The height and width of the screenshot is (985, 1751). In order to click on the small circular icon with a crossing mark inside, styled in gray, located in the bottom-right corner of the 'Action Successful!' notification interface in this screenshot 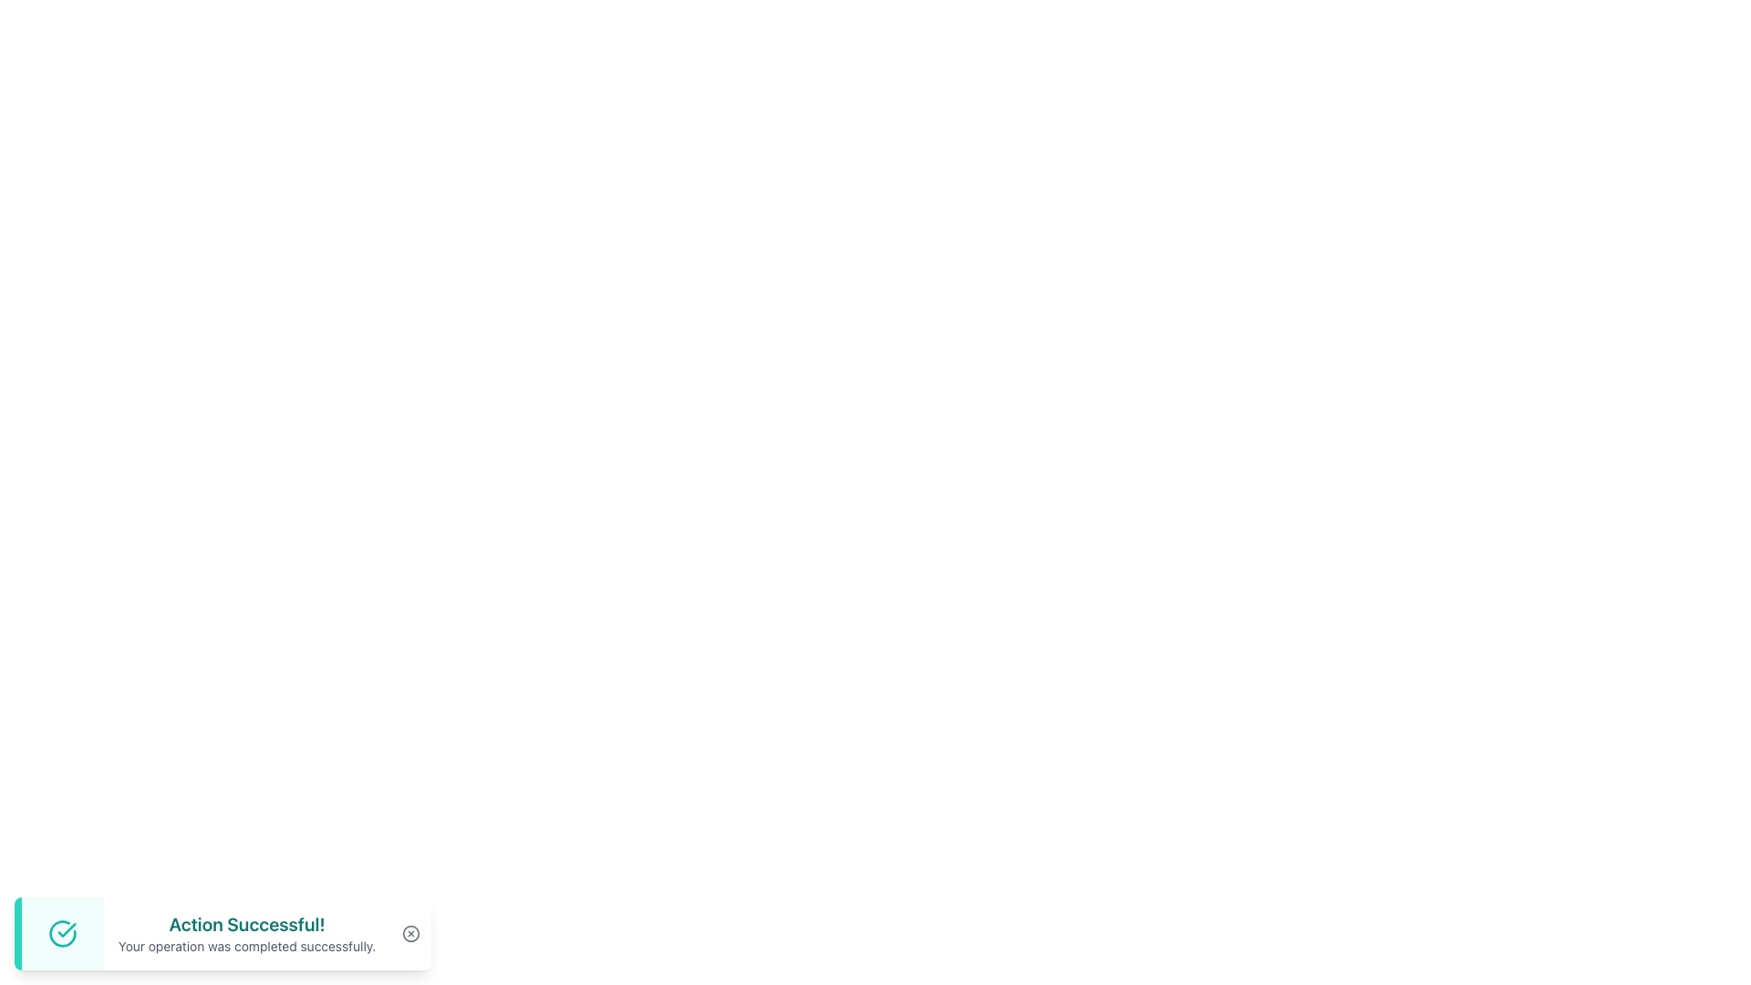, I will do `click(409, 933)`.